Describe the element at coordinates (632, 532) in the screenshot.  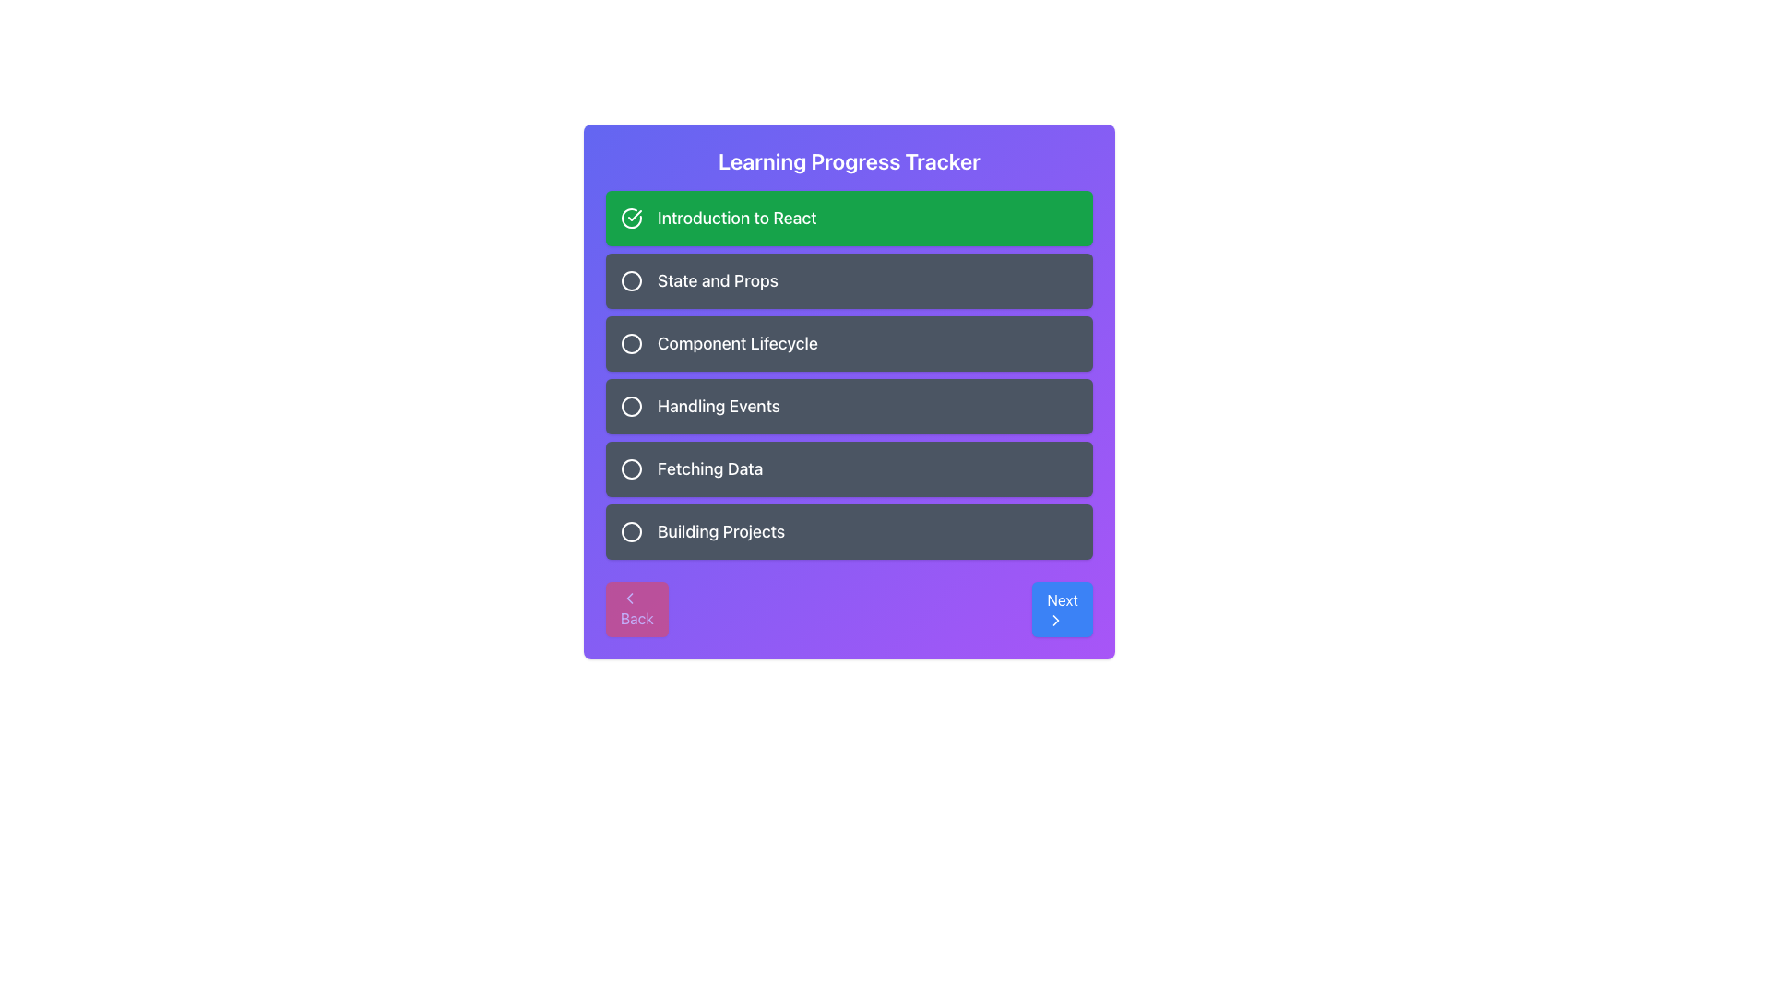
I see `the inner circular graphic of the red-tinted icon representing the 'Building Projects' topic in the course stages list` at that location.